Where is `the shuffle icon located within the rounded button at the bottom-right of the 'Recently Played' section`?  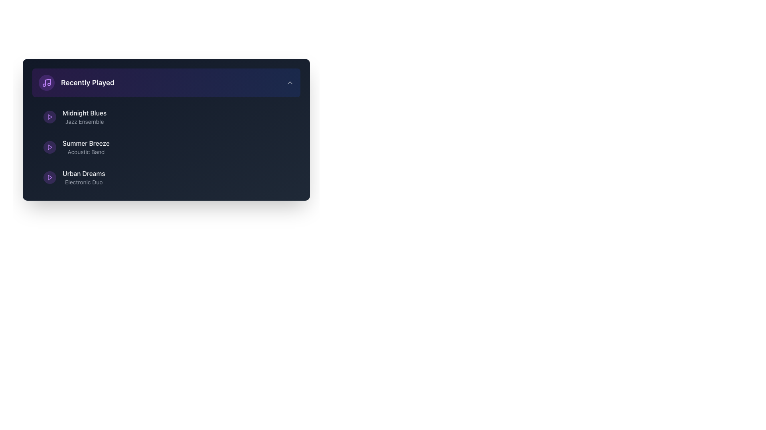 the shuffle icon located within the rounded button at the bottom-right of the 'Recently Played' section is located at coordinates (250, 177).